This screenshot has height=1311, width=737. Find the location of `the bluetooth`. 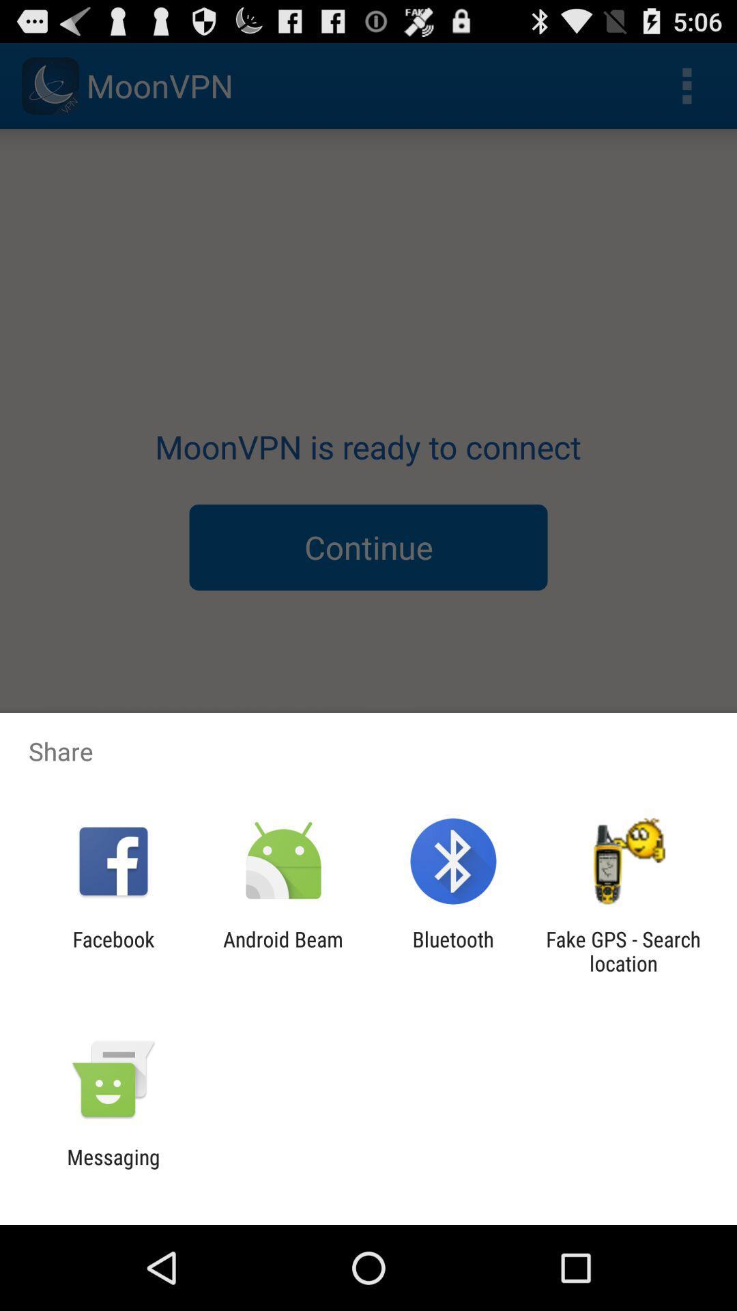

the bluetooth is located at coordinates (453, 950).